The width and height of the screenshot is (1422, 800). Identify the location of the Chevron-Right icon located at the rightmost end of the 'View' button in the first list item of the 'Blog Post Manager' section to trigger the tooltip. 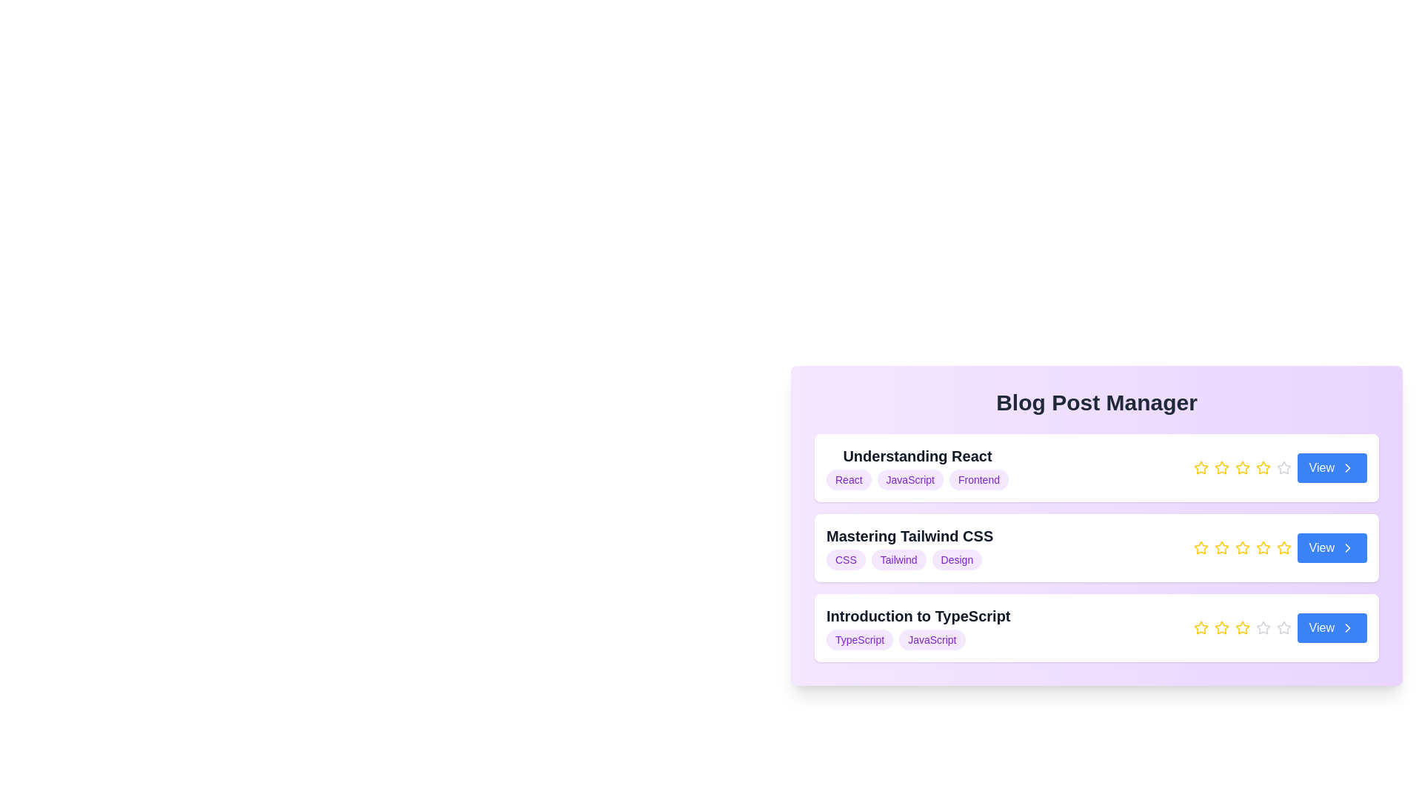
(1347, 468).